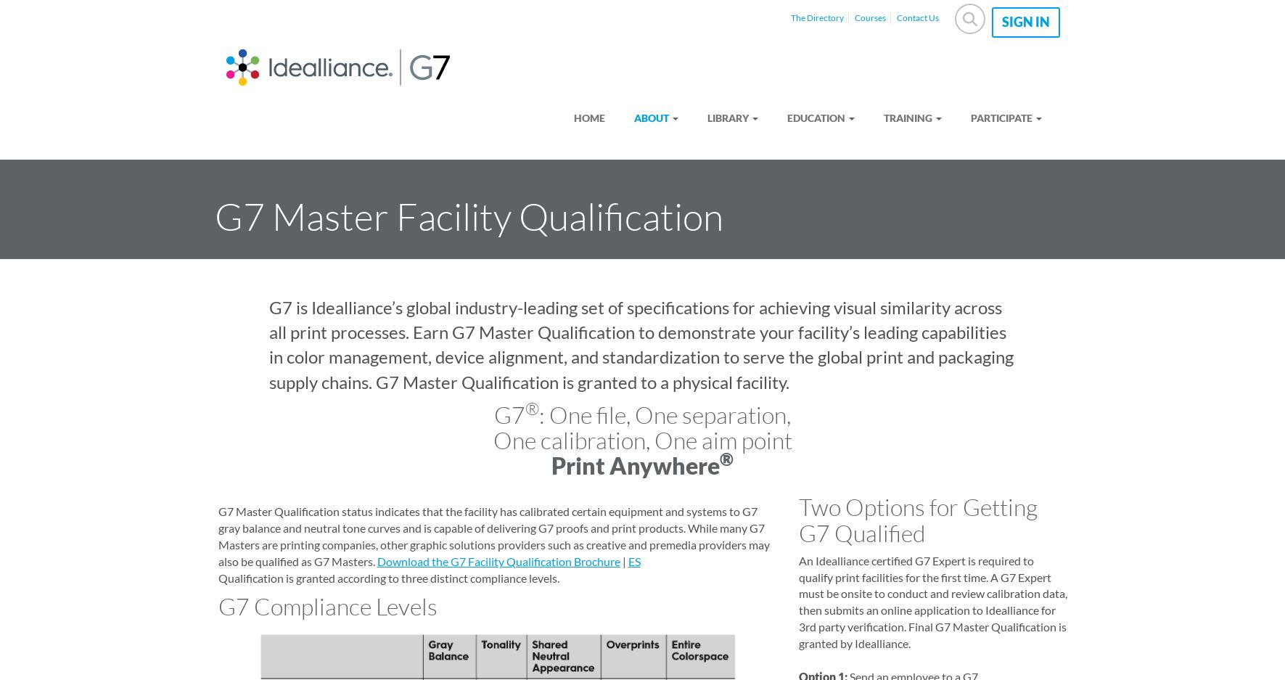 Image resolution: width=1285 pixels, height=680 pixels. Describe the element at coordinates (651, 116) in the screenshot. I see `'About'` at that location.